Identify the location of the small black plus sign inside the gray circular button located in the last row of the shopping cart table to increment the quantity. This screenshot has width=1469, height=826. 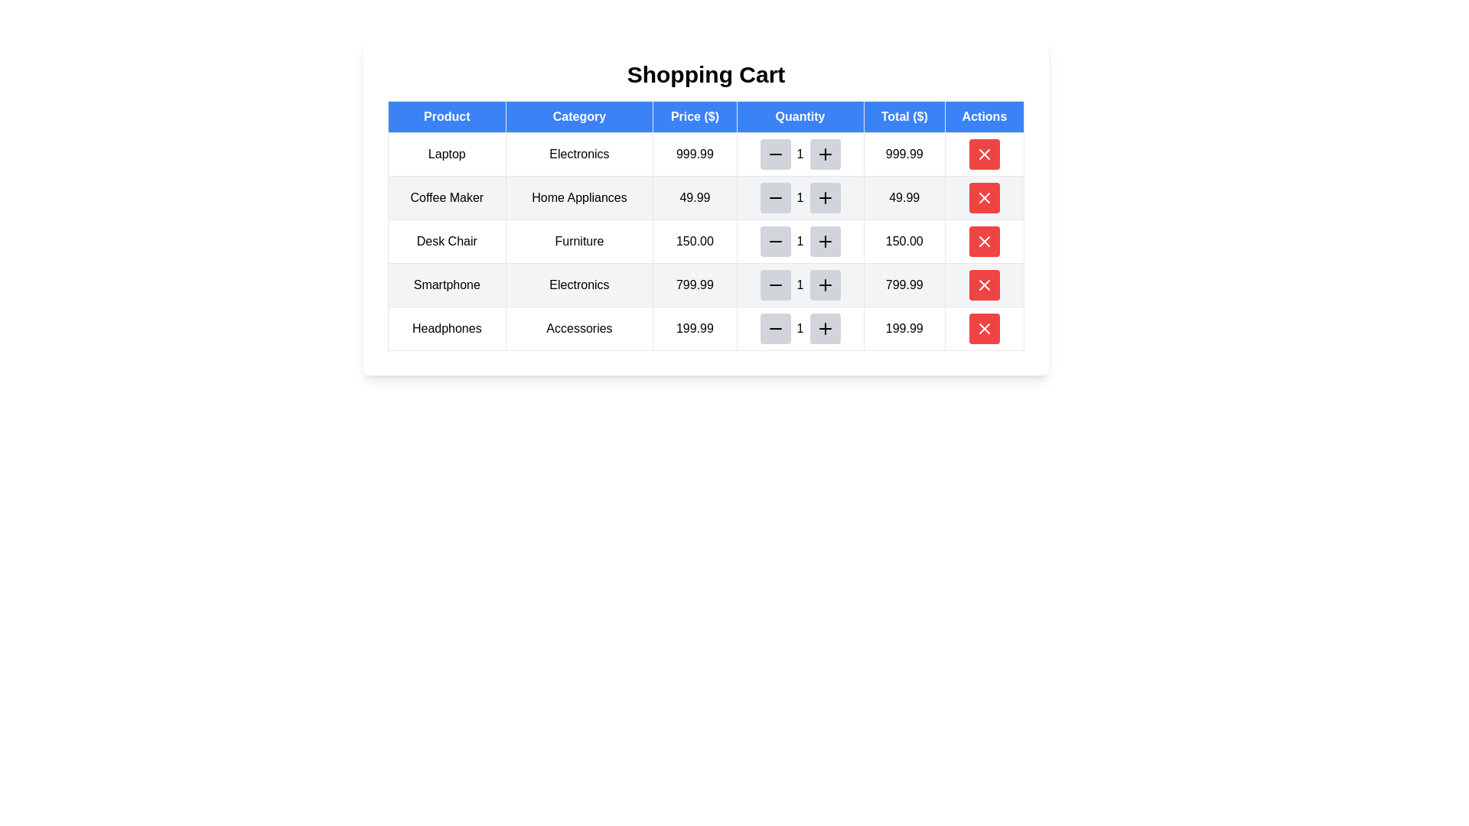
(824, 327).